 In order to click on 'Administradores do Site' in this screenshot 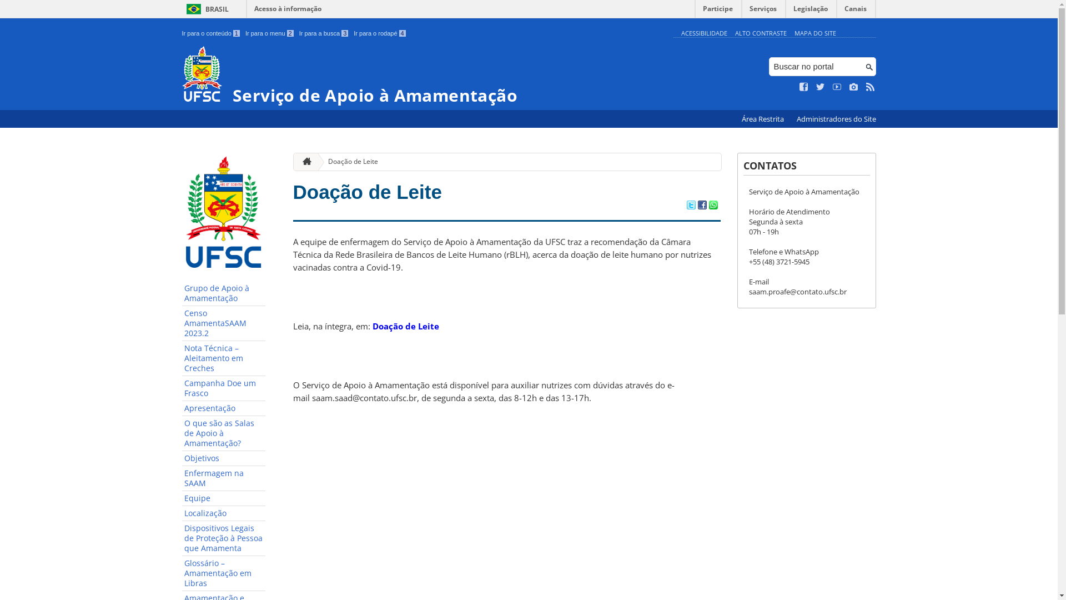, I will do `click(836, 119)`.